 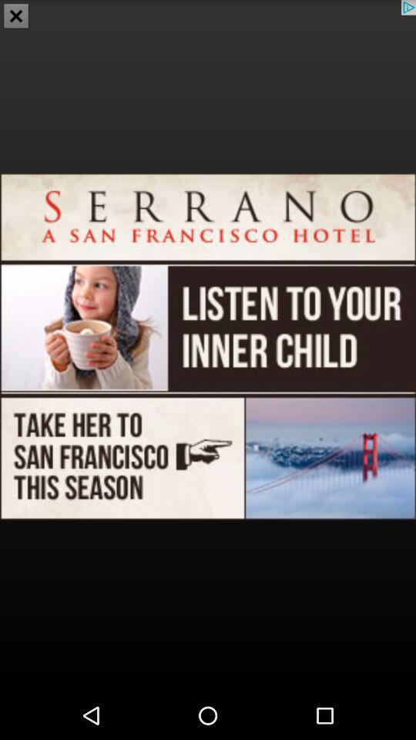 What do you see at coordinates (15, 16) in the screenshot?
I see `the close icon` at bounding box center [15, 16].